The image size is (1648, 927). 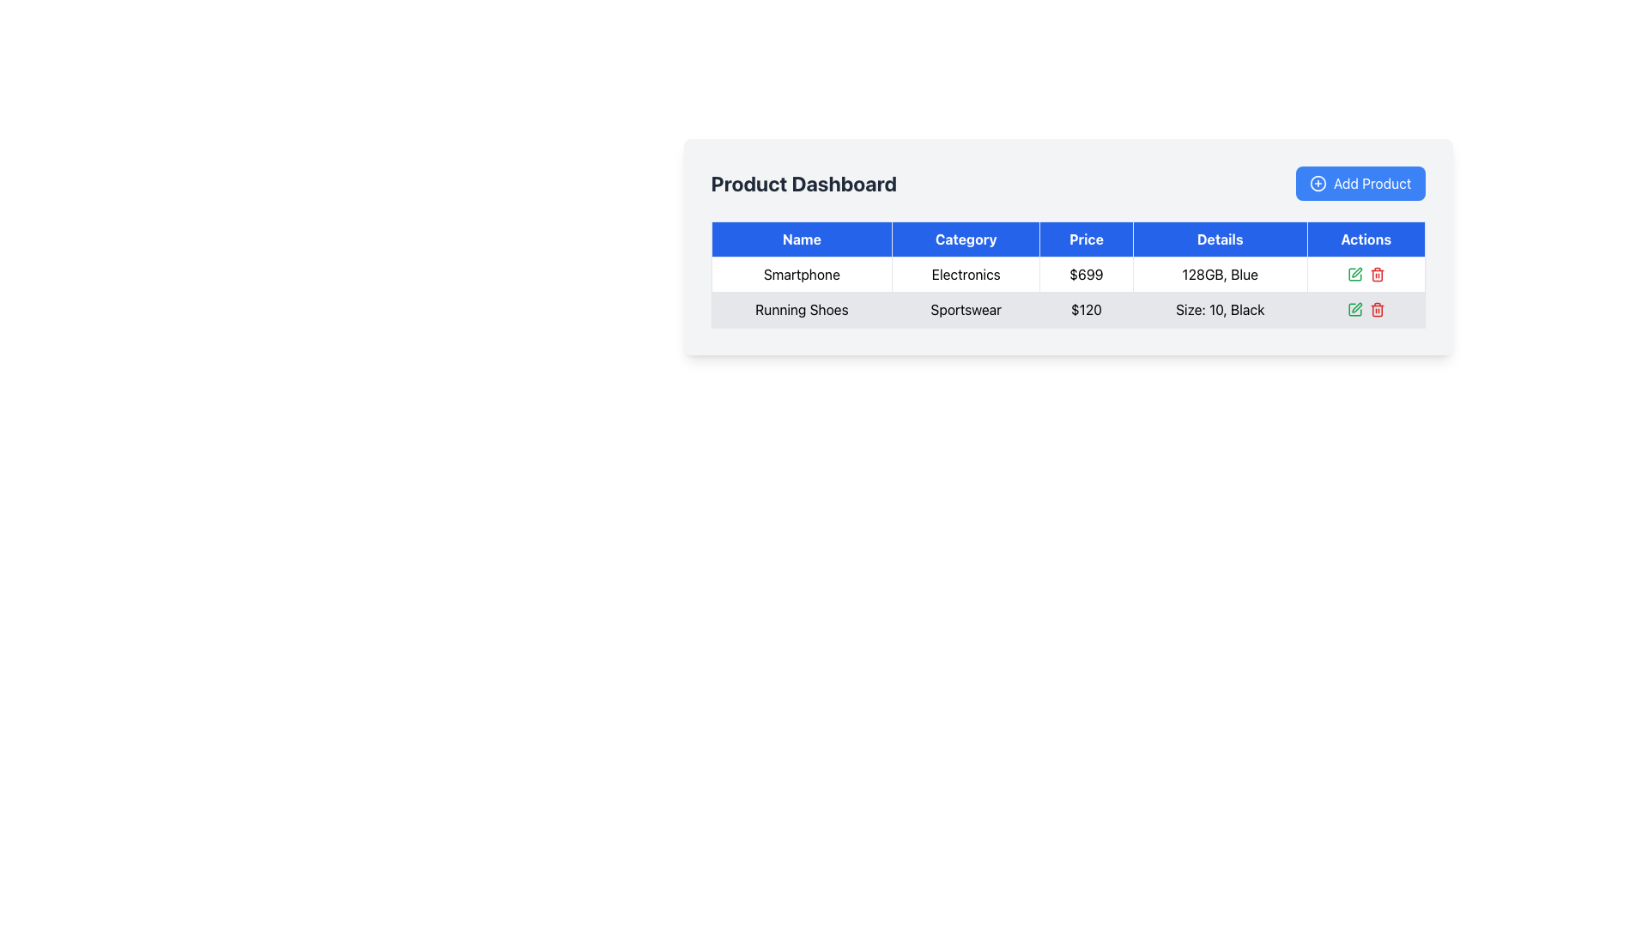 I want to click on specific rows or cells in the product information table located under the 'Product Dashboard' title, so click(x=1067, y=247).